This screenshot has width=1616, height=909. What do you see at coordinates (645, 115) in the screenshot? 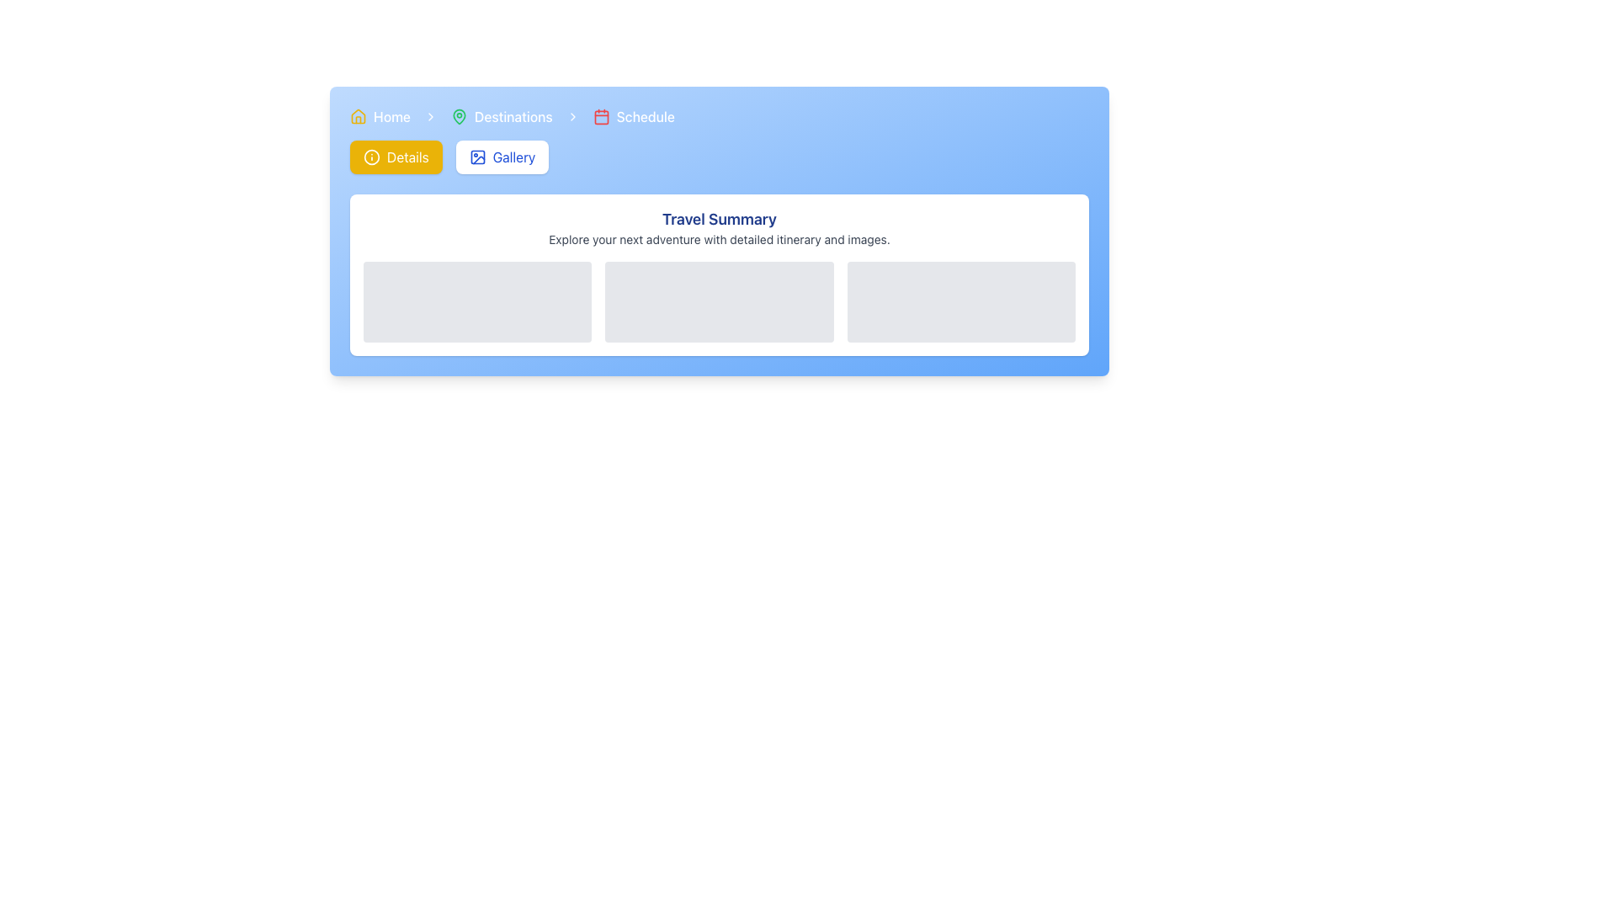
I see `the 'Schedule' text label in the breadcrumb navigation bar, which is styled with a medium font size and white color, located after a calendar icon` at bounding box center [645, 115].